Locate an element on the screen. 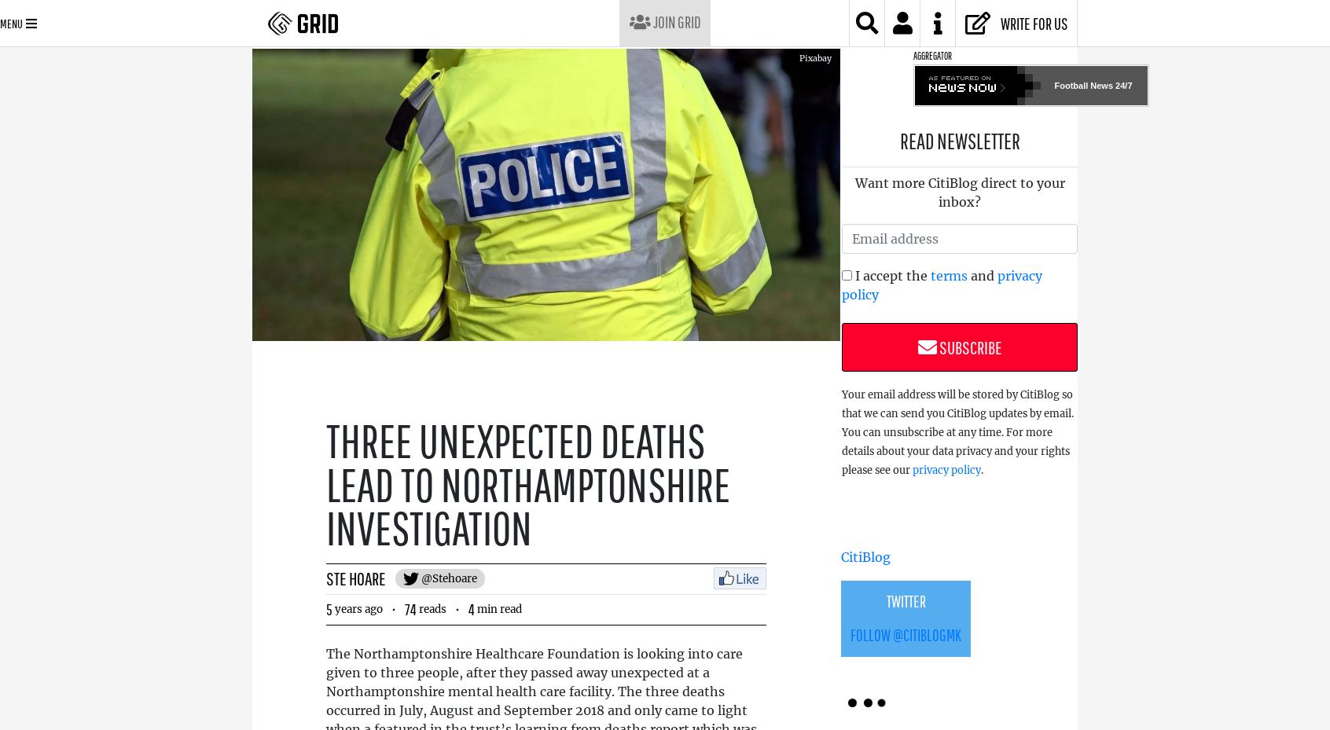 This screenshot has height=730, width=1330. '24/7' is located at coordinates (1122, 85).